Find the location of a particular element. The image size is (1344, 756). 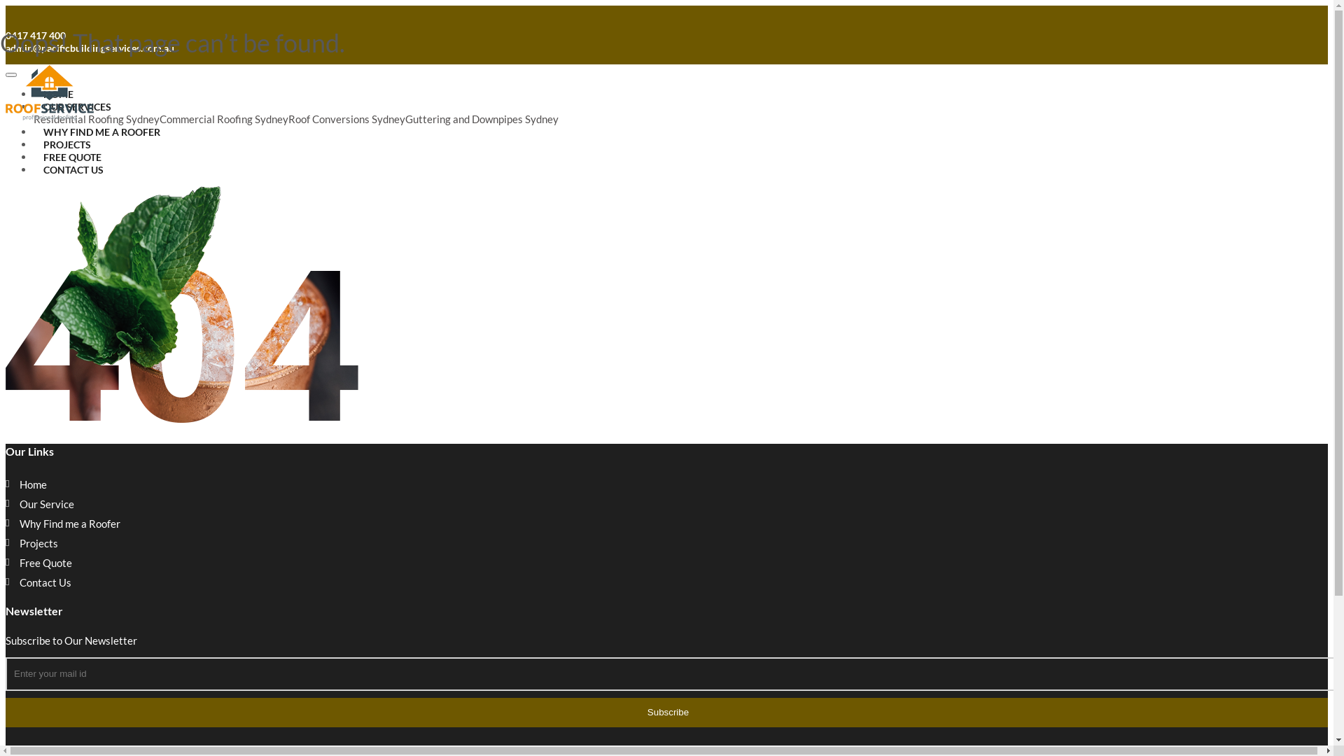

'Commercial Roofing Sydney' is located at coordinates (224, 118).